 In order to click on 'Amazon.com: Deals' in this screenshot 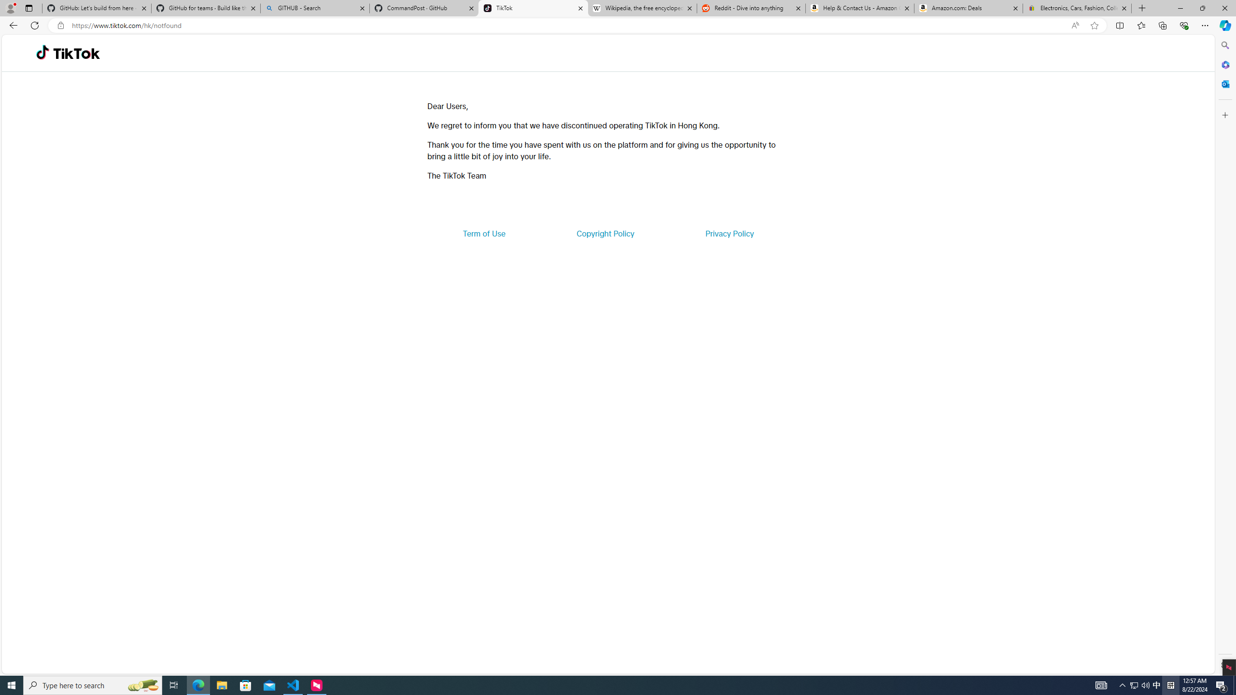, I will do `click(968, 8)`.